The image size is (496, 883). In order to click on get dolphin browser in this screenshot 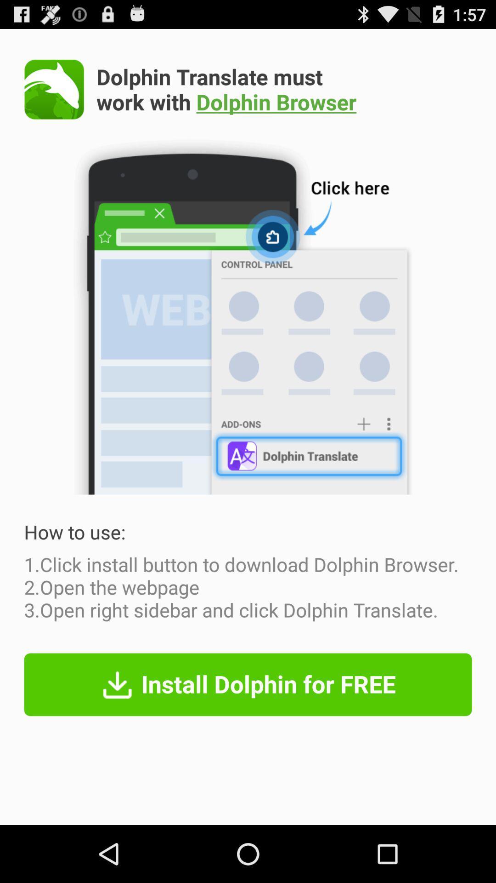, I will do `click(54, 89)`.